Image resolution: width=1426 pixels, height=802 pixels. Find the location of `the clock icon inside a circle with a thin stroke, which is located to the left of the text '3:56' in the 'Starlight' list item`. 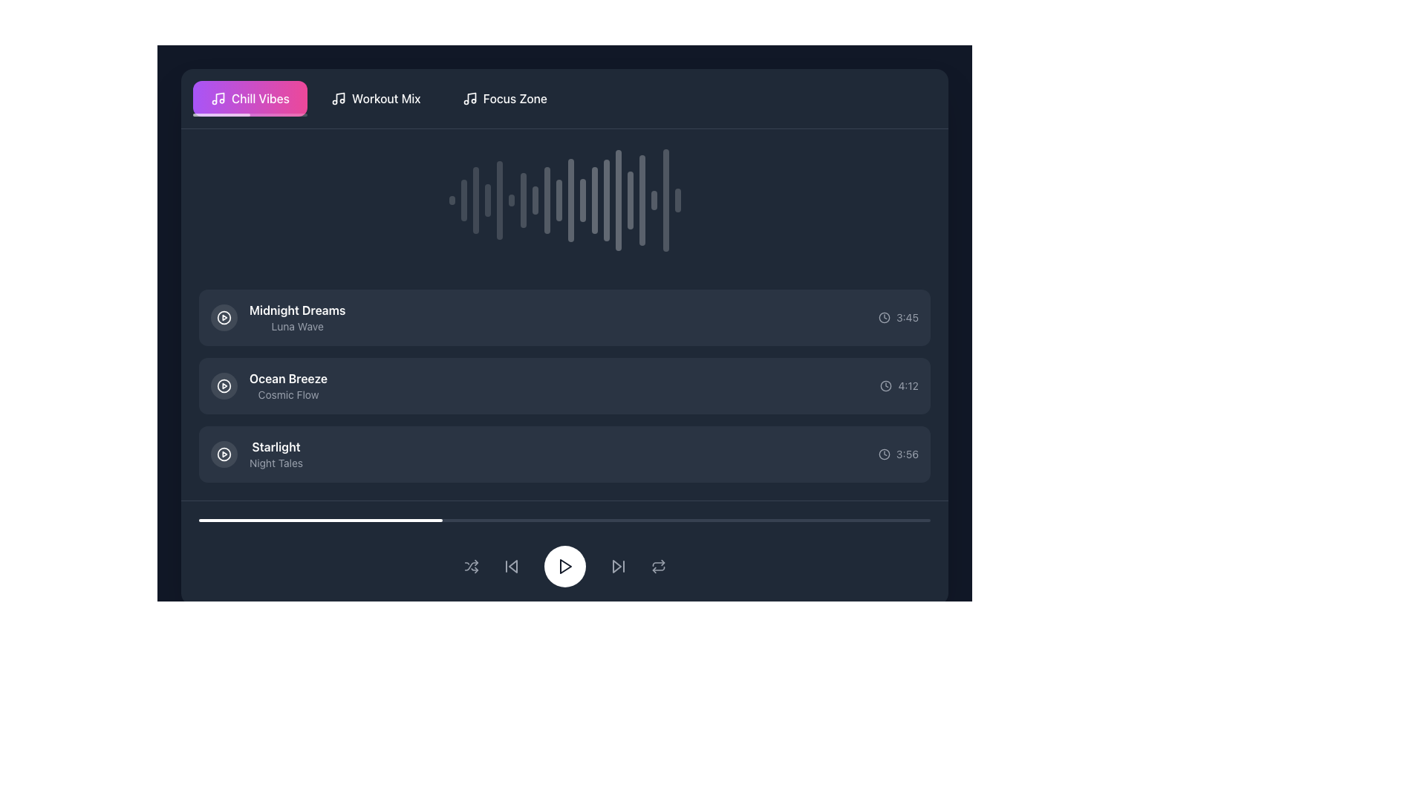

the clock icon inside a circle with a thin stroke, which is located to the left of the text '3:56' in the 'Starlight' list item is located at coordinates (884, 454).